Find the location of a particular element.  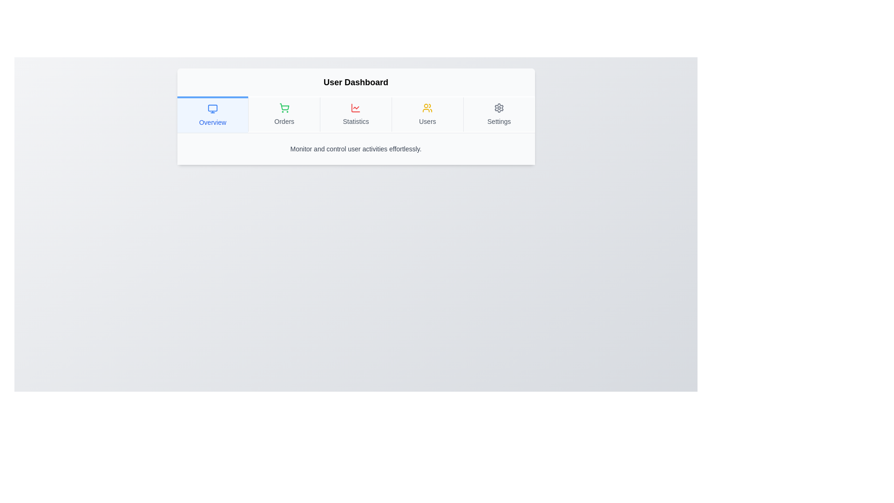

the 'Overview' button, which is styled with a blue icon resembling a monitor and located at the far left of the navigation group in the user dashboard interface, to potentially display a tooltip is located at coordinates (212, 114).